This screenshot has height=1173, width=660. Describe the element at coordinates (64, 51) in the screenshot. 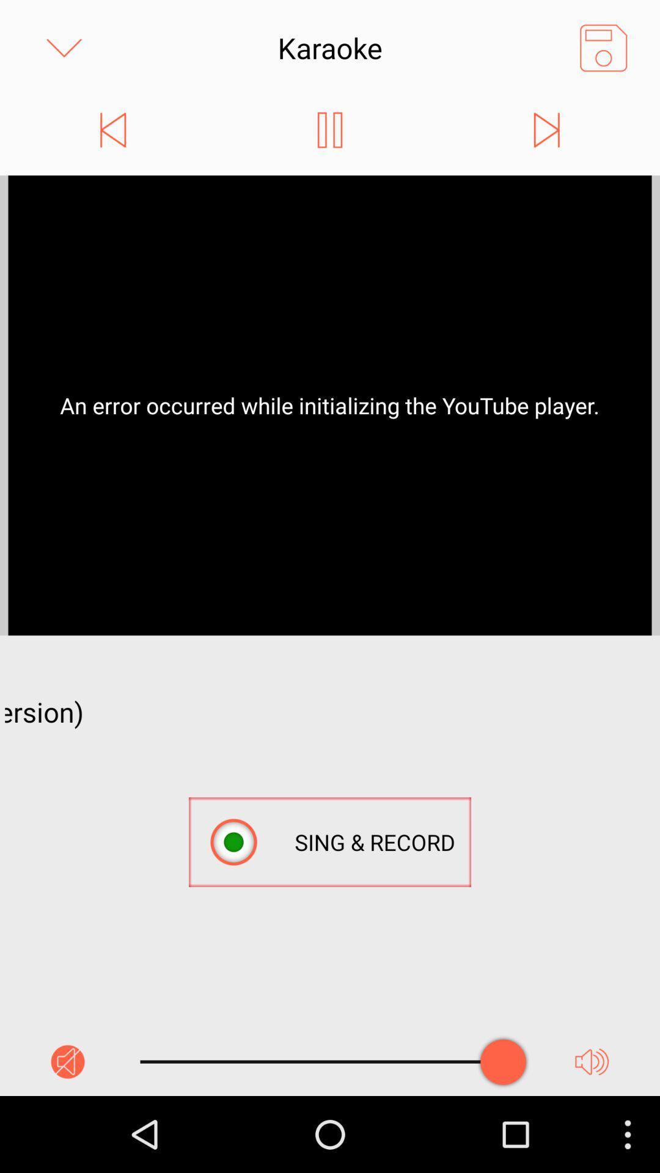

I see `the expand_more icon` at that location.